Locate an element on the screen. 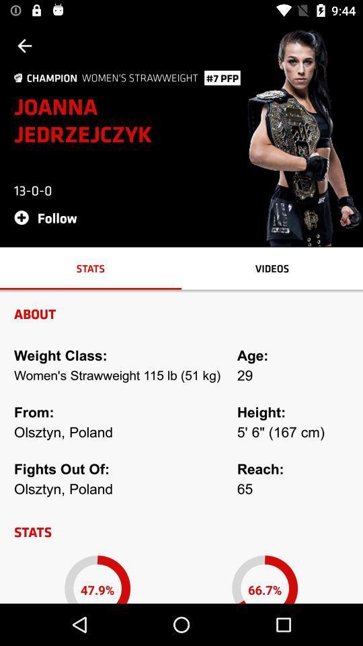  icon above stats item is located at coordinates (49, 217).